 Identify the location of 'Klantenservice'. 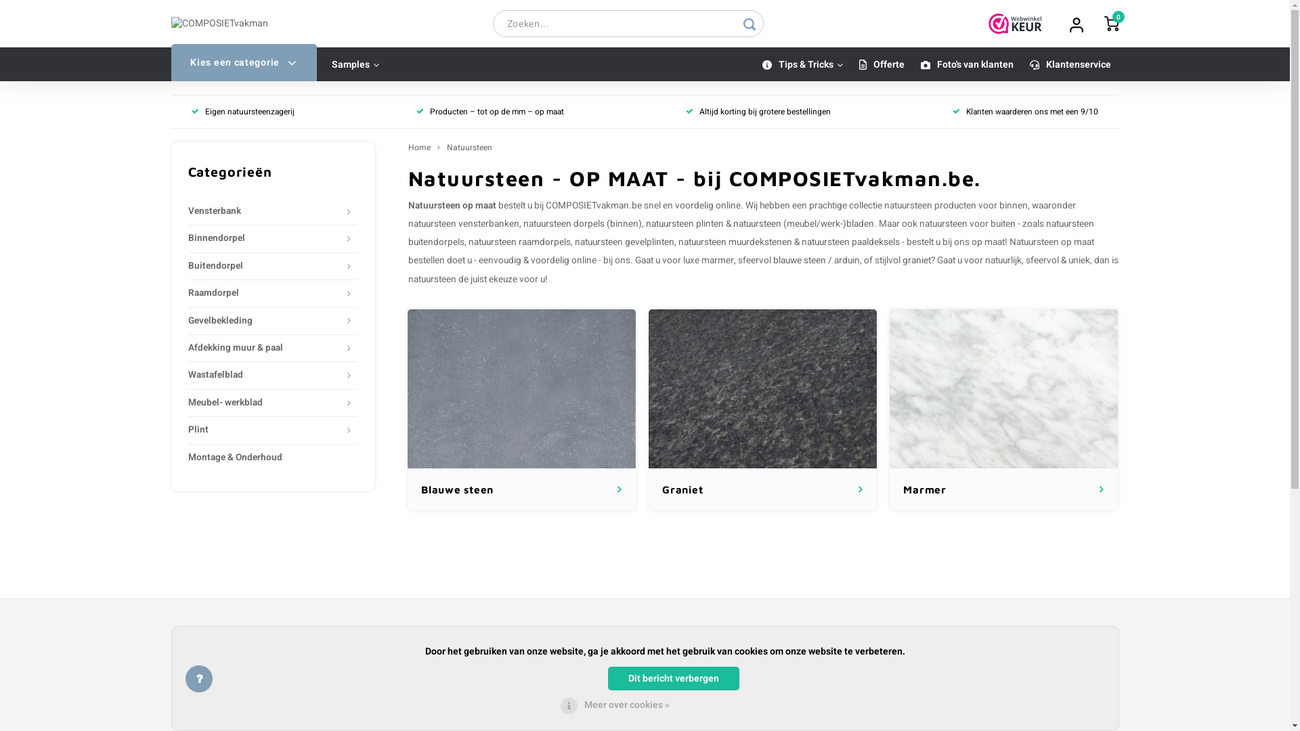
(1068, 65).